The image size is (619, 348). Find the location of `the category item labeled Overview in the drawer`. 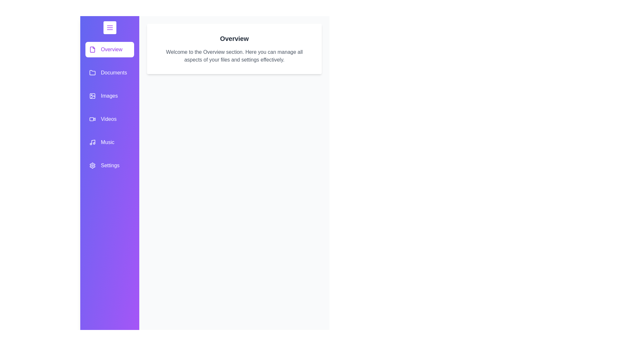

the category item labeled Overview in the drawer is located at coordinates (110, 49).